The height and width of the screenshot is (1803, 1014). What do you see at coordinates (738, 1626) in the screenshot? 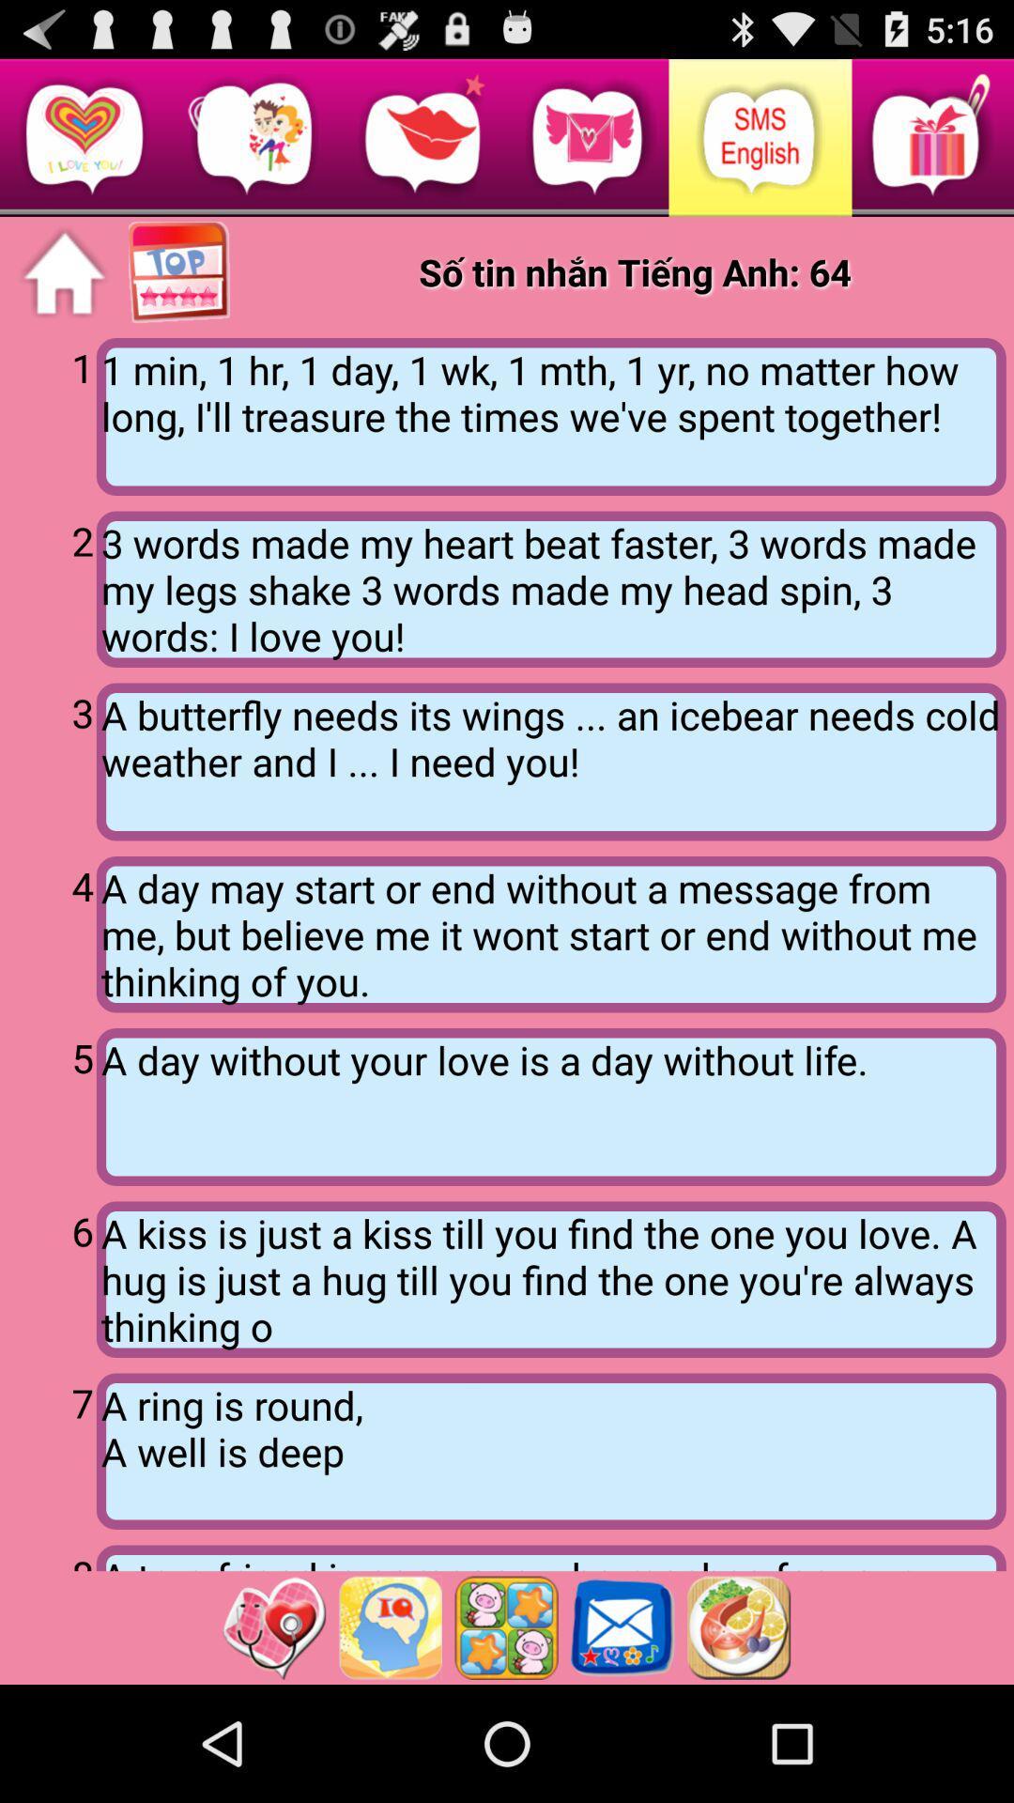
I see `open meals` at bounding box center [738, 1626].